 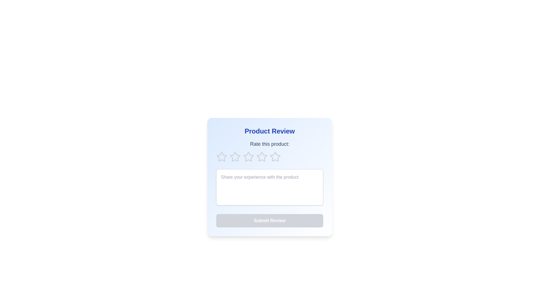 What do you see at coordinates (222, 157) in the screenshot?
I see `the first interactive rating star icon located under the text 'Rate this product:'` at bounding box center [222, 157].